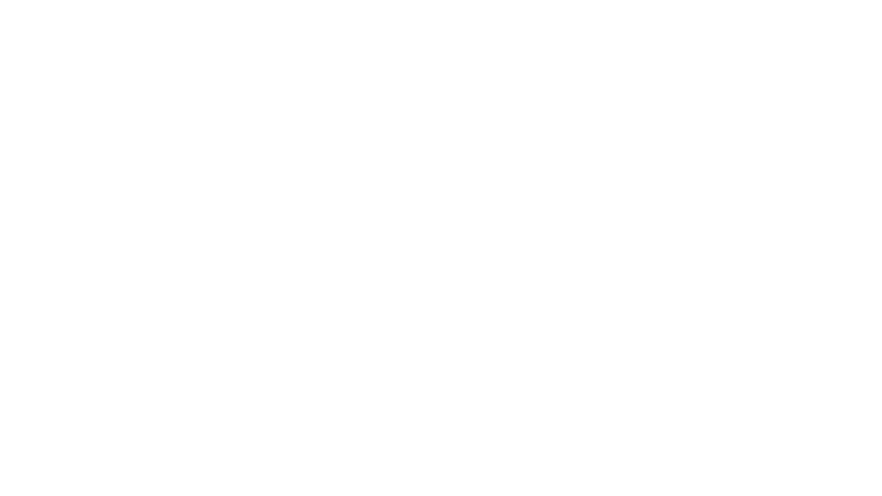 The width and height of the screenshot is (882, 496). I want to click on Felicia P.S. Lasmana, so click(281, 112).